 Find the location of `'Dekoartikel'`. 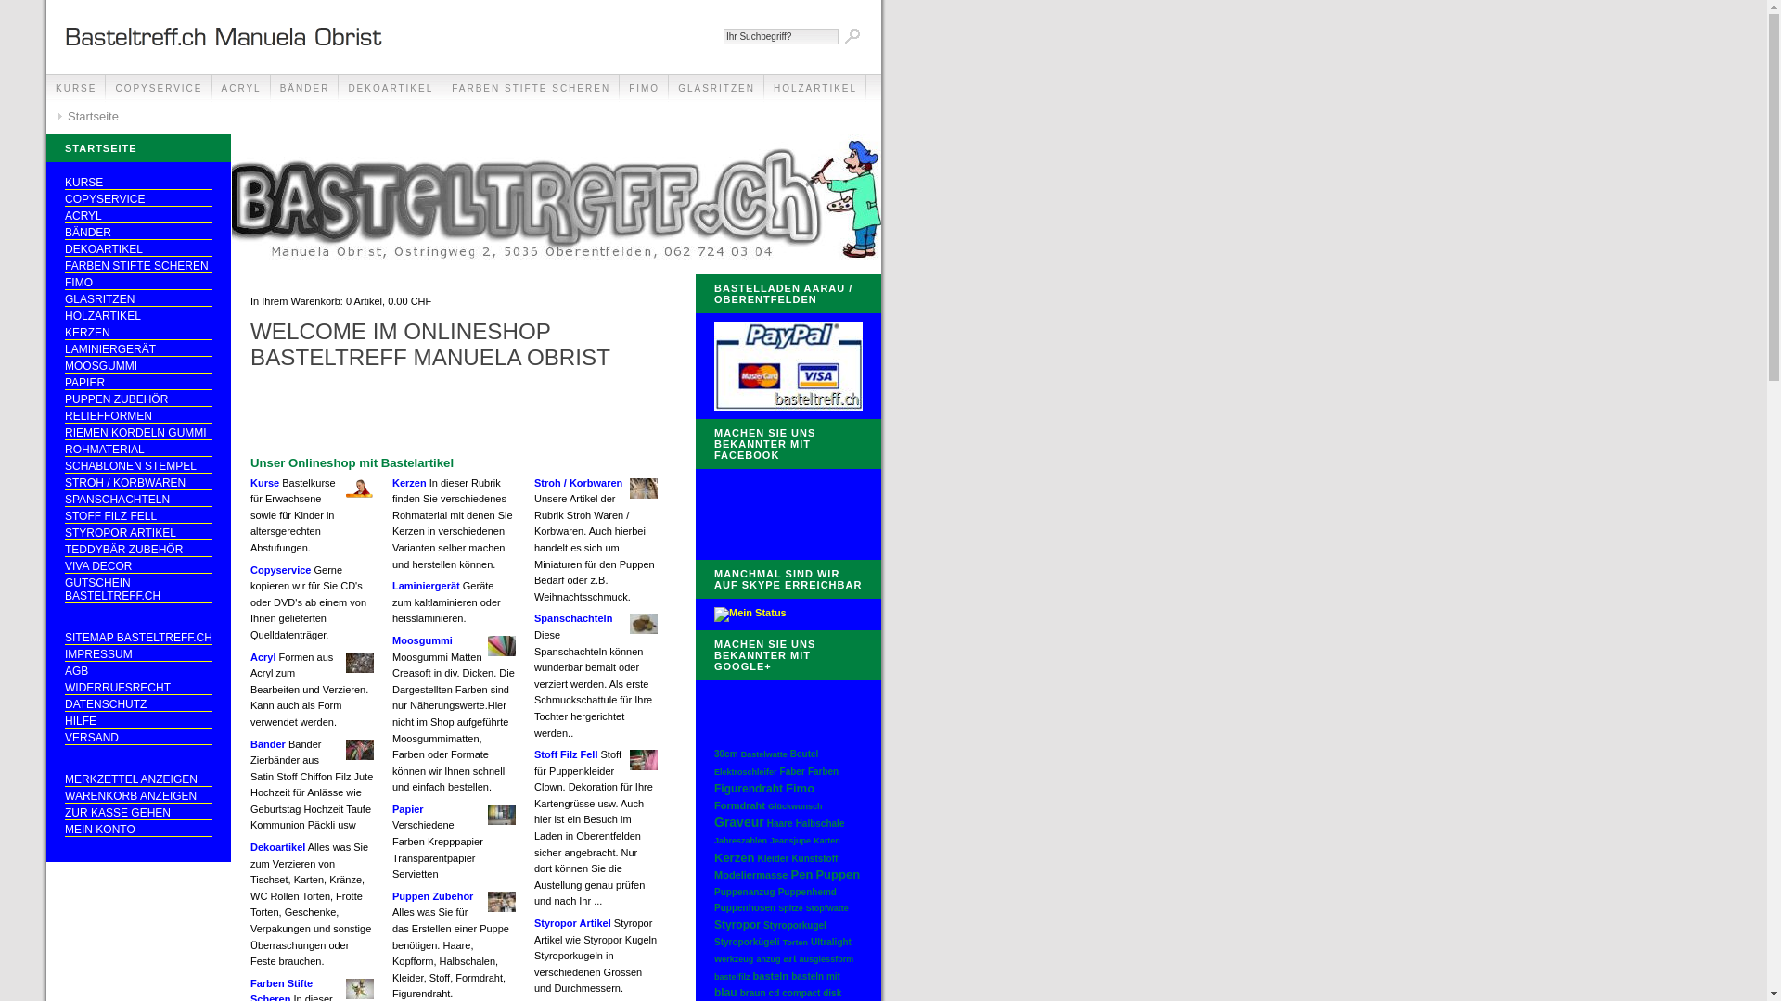

'Dekoartikel' is located at coordinates (276, 847).